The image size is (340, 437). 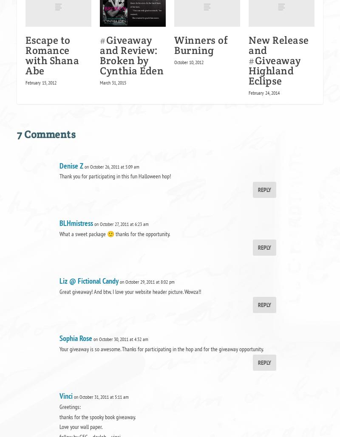 I want to click on 'on October 27, 2011 at 6:23 am', so click(x=94, y=223).